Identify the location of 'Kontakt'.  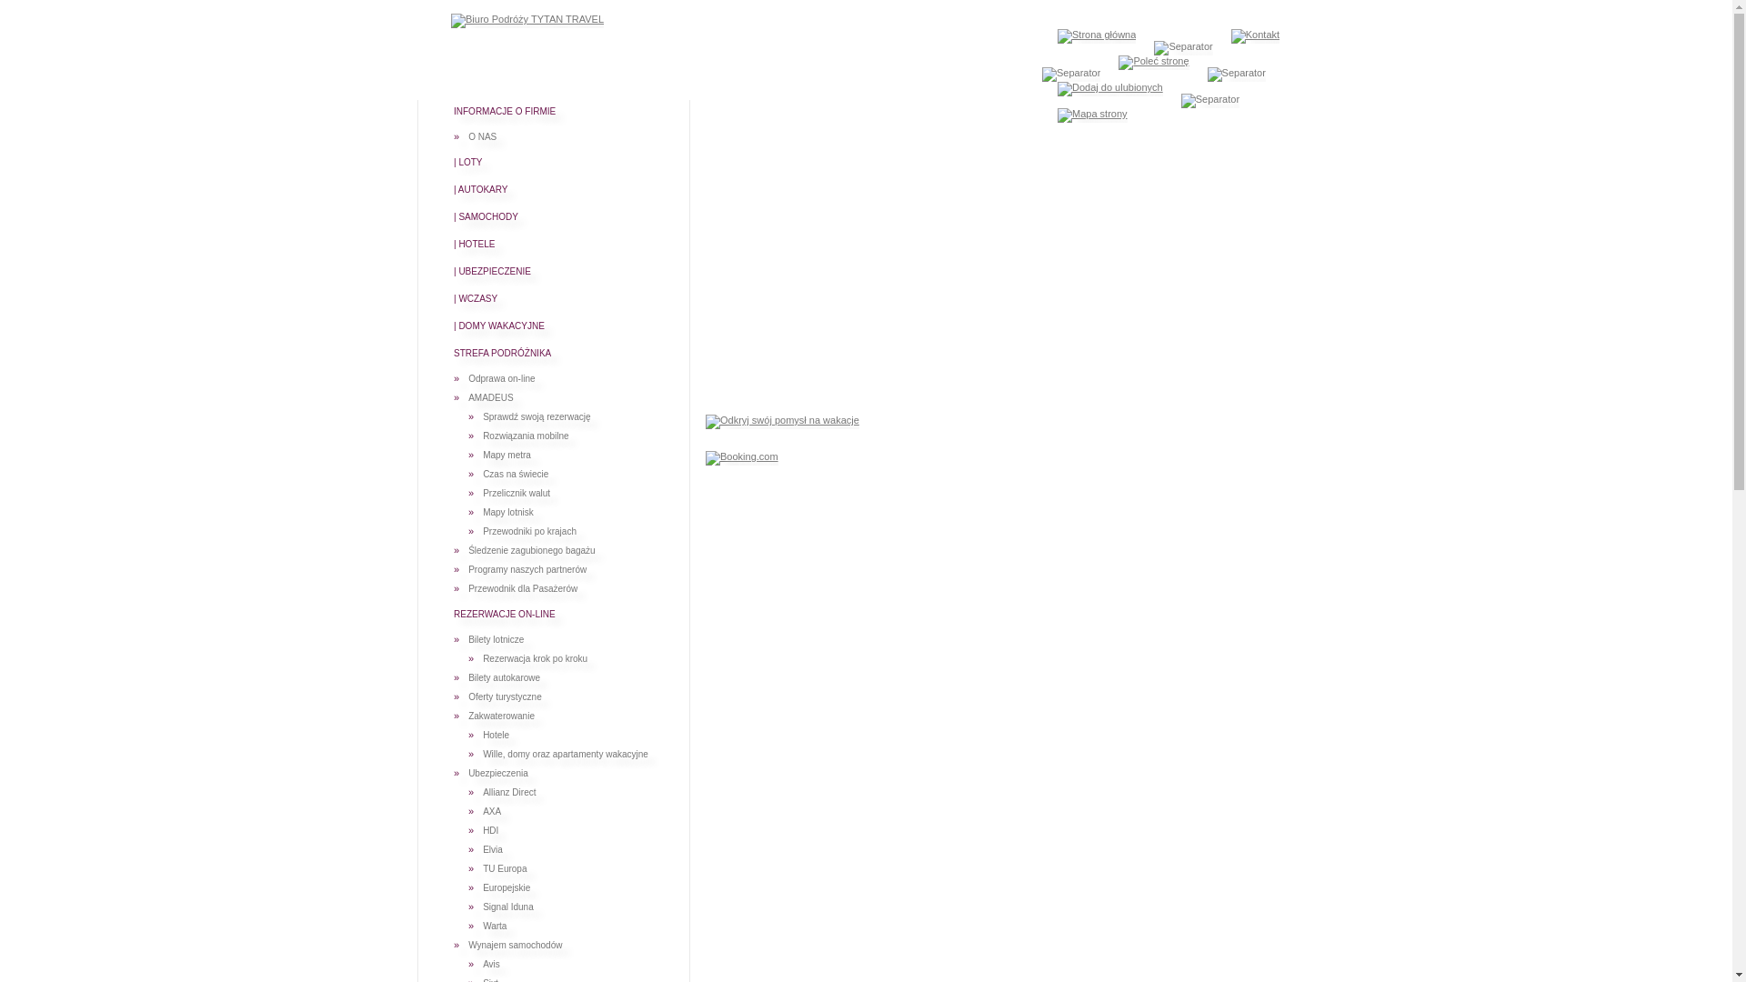
(1230, 35).